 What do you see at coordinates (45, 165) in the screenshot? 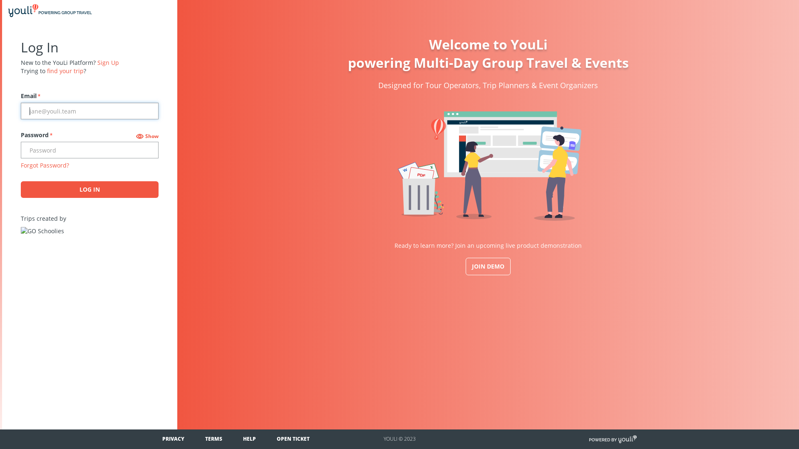
I see `'Forgot Password?'` at bounding box center [45, 165].